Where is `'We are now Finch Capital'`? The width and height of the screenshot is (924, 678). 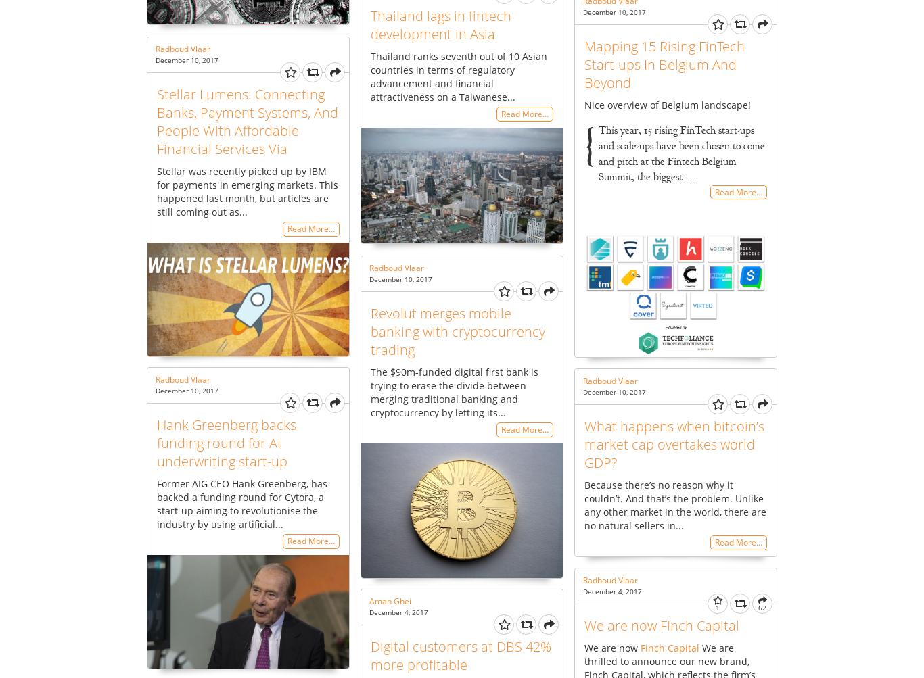 'We are now Finch Capital' is located at coordinates (662, 624).